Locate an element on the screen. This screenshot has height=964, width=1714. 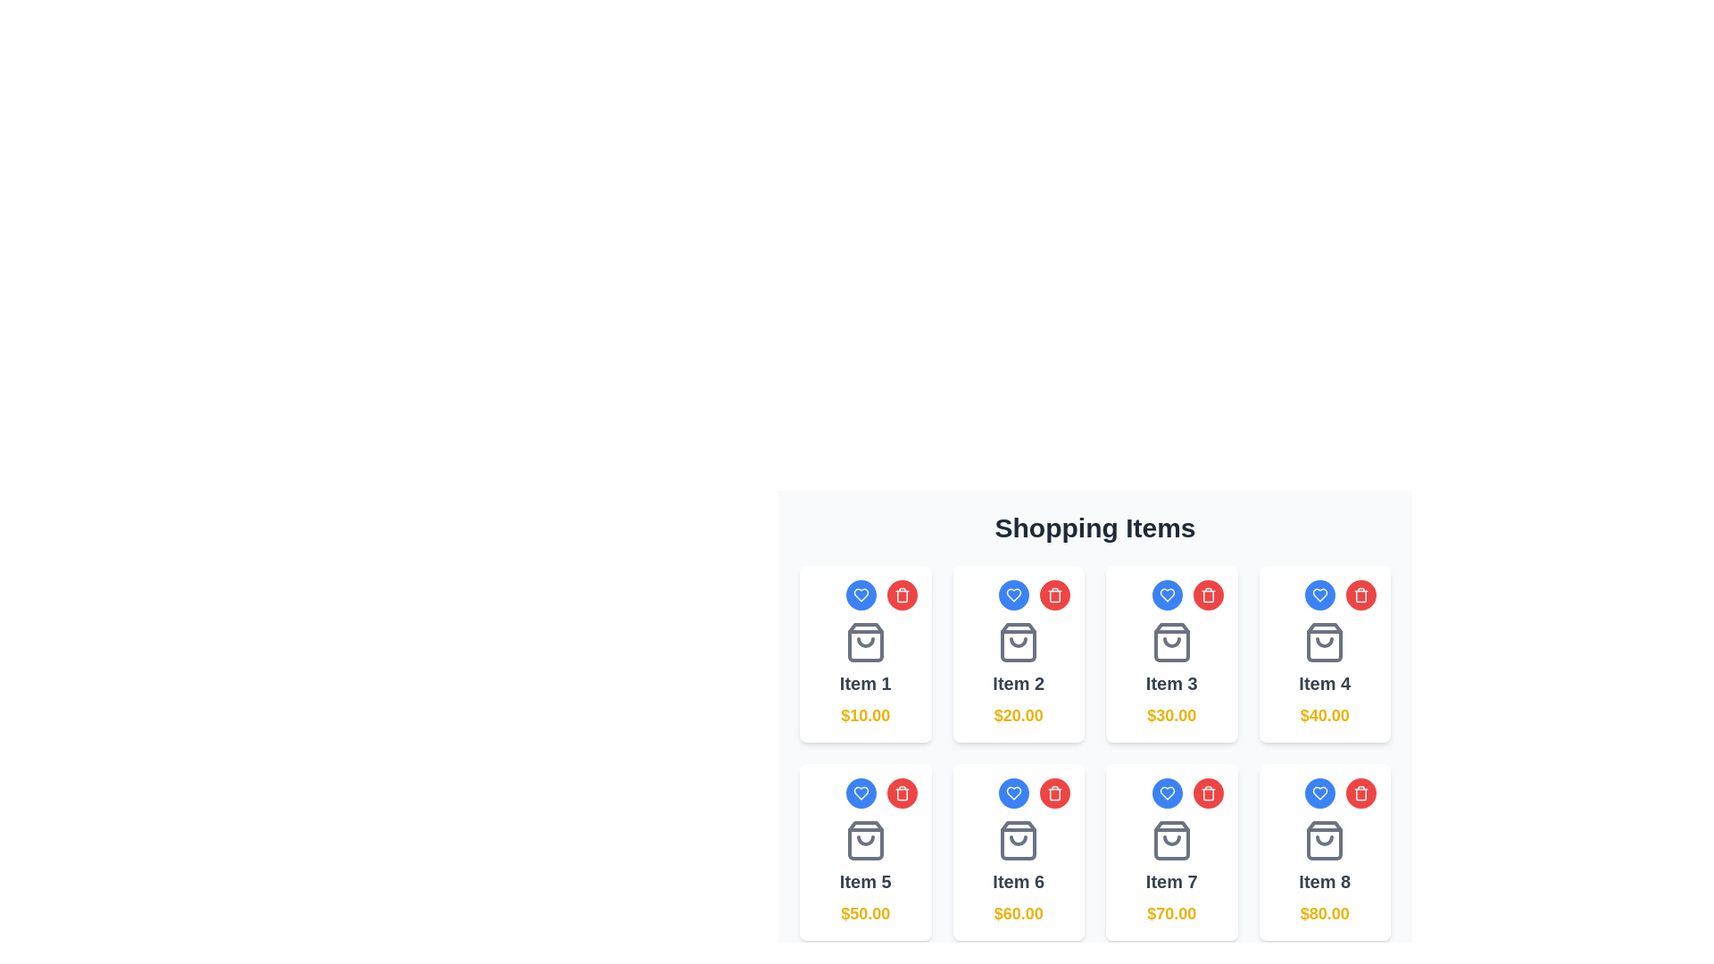
the third shopping item card in the grid layout is located at coordinates (1171, 653).